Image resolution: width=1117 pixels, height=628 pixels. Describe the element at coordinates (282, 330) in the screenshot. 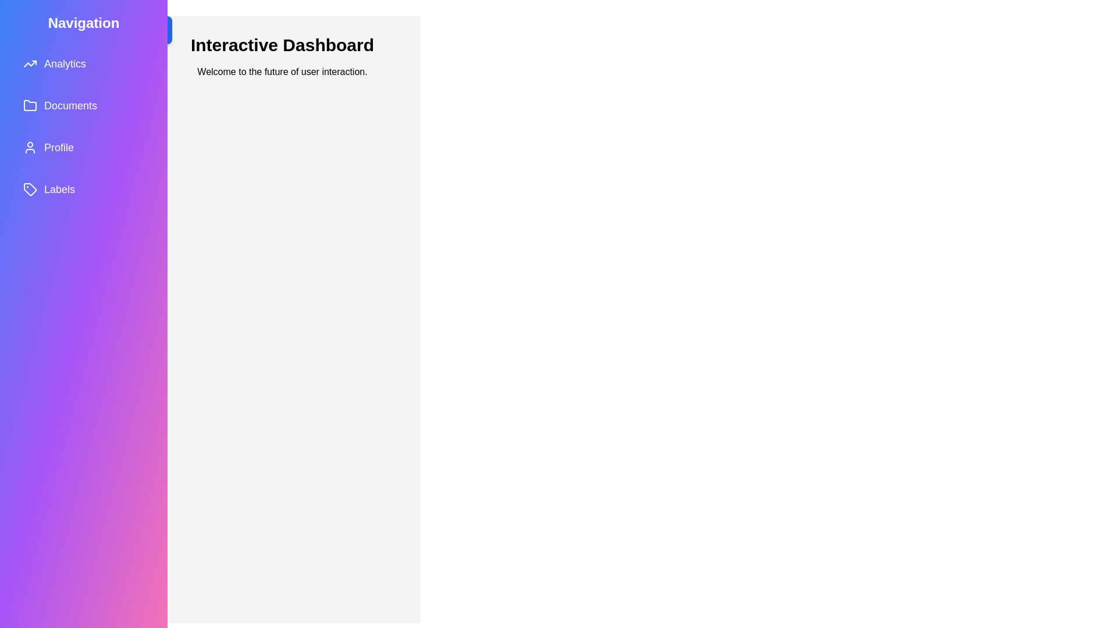

I see `the main content area to interact with it` at that location.